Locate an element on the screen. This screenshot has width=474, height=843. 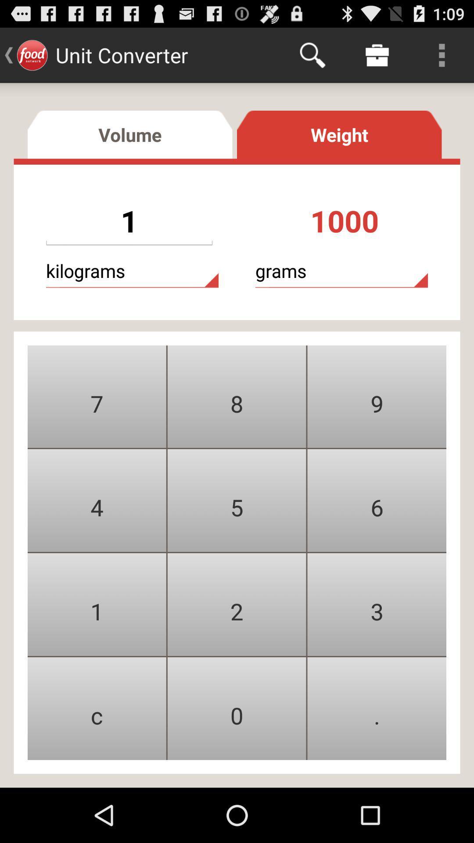
button between c and is located at coordinates (237, 708).